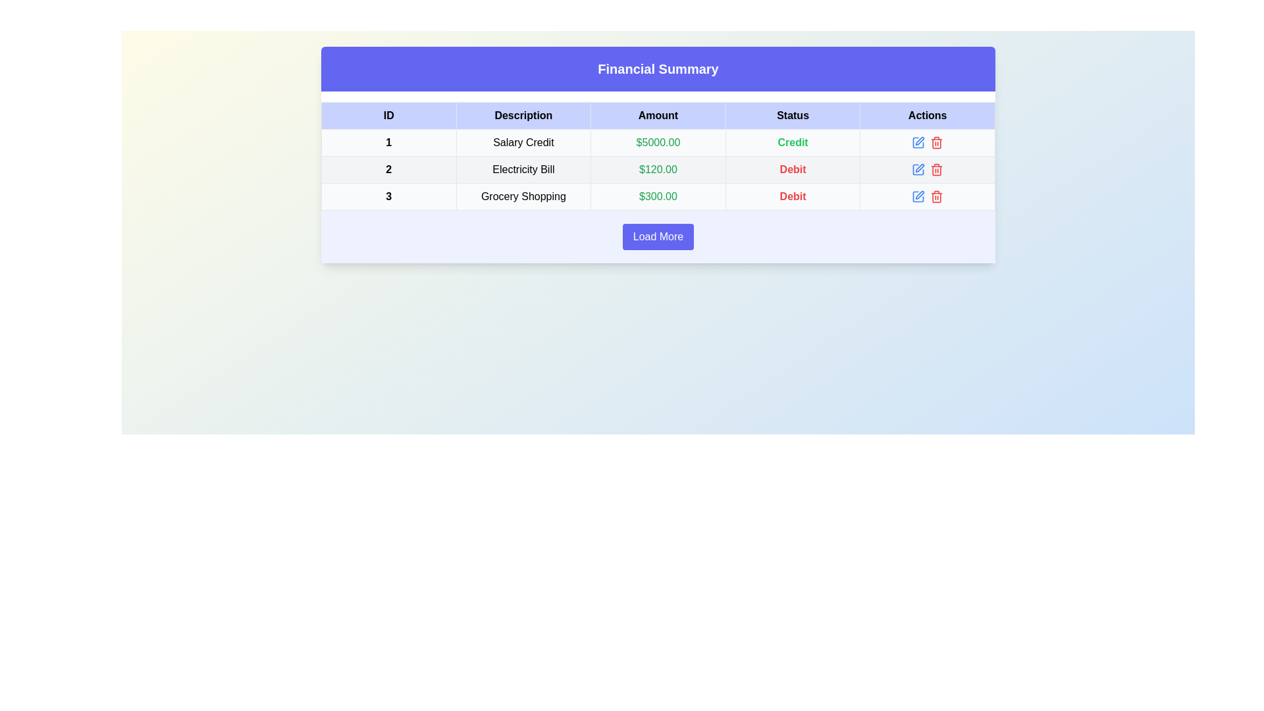 This screenshot has height=711, width=1264. I want to click on the blue edit icon in the 'Actions' column of the last row of the table, so click(918, 197).